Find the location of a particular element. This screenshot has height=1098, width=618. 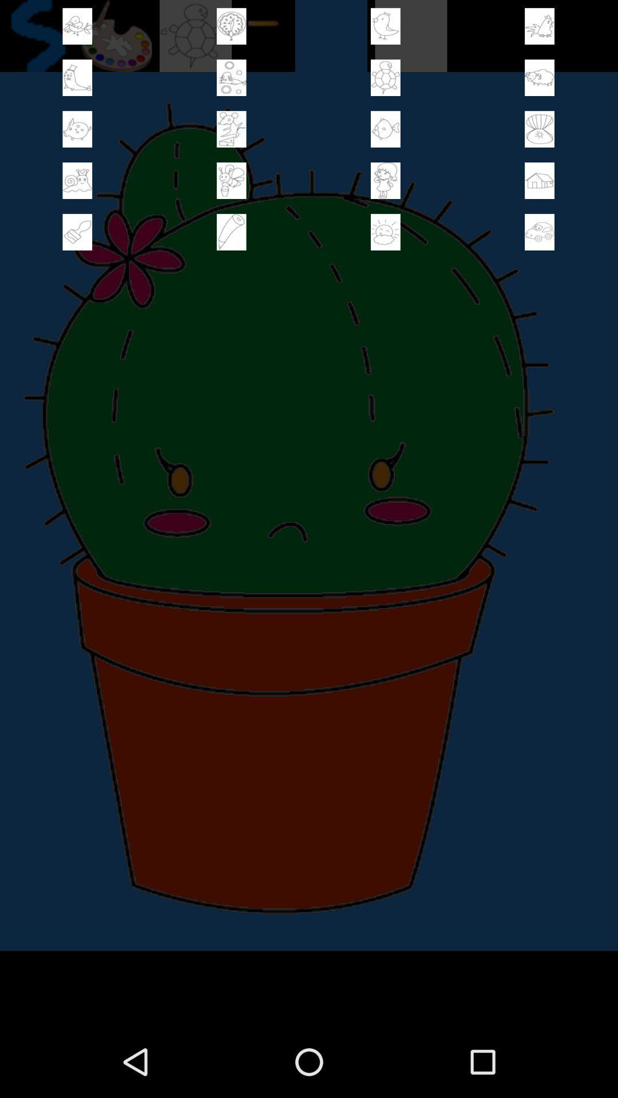

open this item is located at coordinates (231, 180).